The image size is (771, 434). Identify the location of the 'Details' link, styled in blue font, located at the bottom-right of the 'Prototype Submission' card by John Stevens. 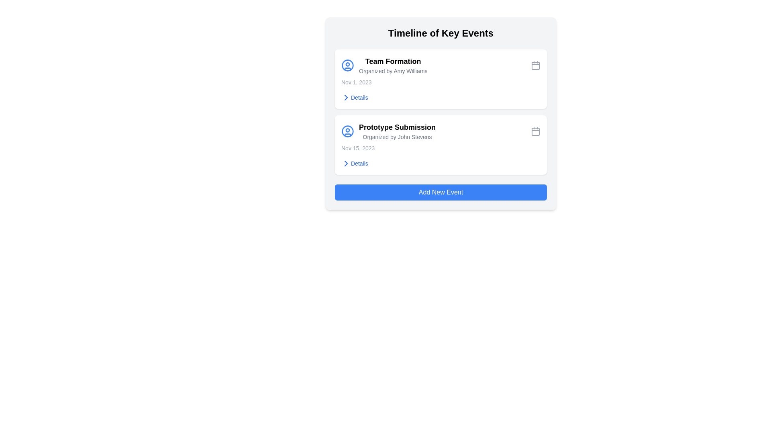
(354, 163).